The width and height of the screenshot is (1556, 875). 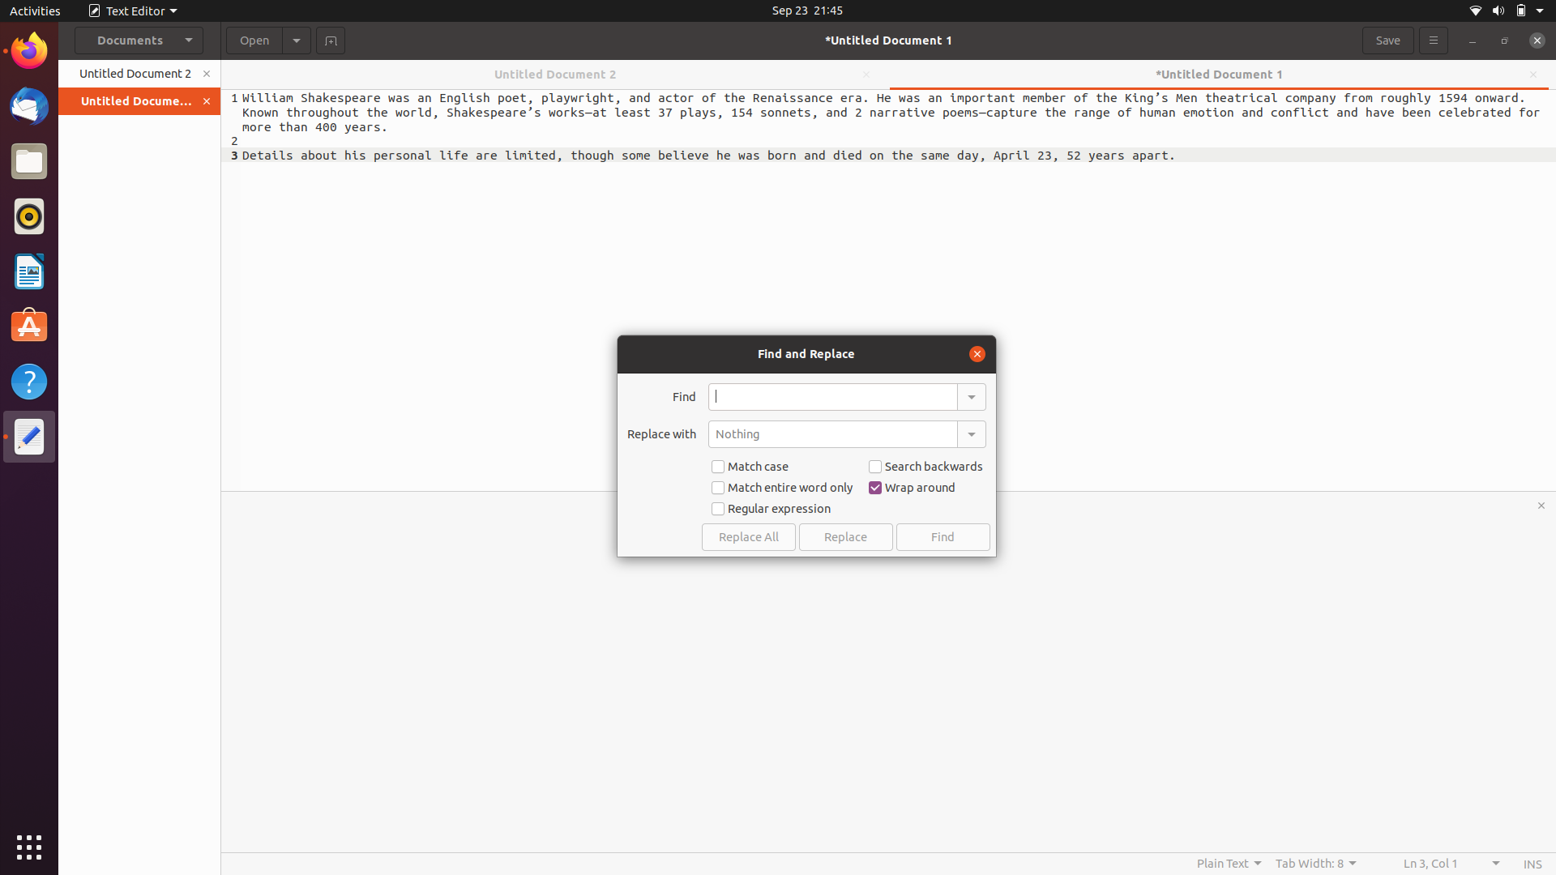 I want to click on Substitute the word "happy" with "joyful" throughout the document, so click(x=832, y=396).